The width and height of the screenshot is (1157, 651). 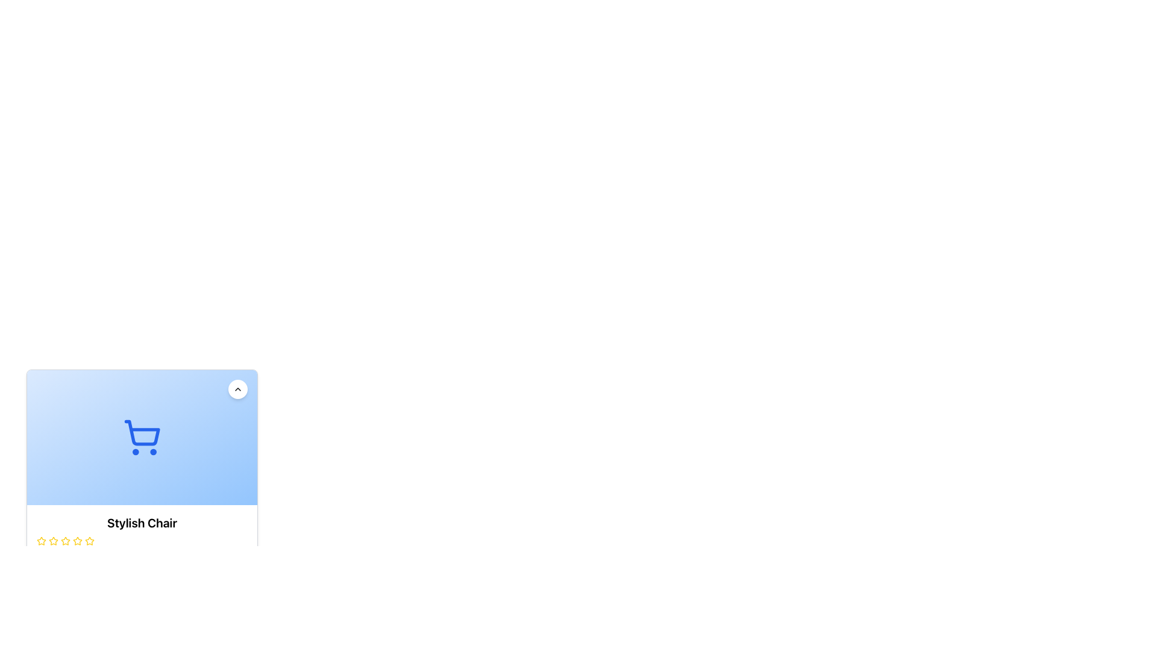 I want to click on the star-shaped icon with a yellow border and transparent fill located beneath the text 'Stylish Chair' in the bottom region of the card component, so click(x=53, y=540).